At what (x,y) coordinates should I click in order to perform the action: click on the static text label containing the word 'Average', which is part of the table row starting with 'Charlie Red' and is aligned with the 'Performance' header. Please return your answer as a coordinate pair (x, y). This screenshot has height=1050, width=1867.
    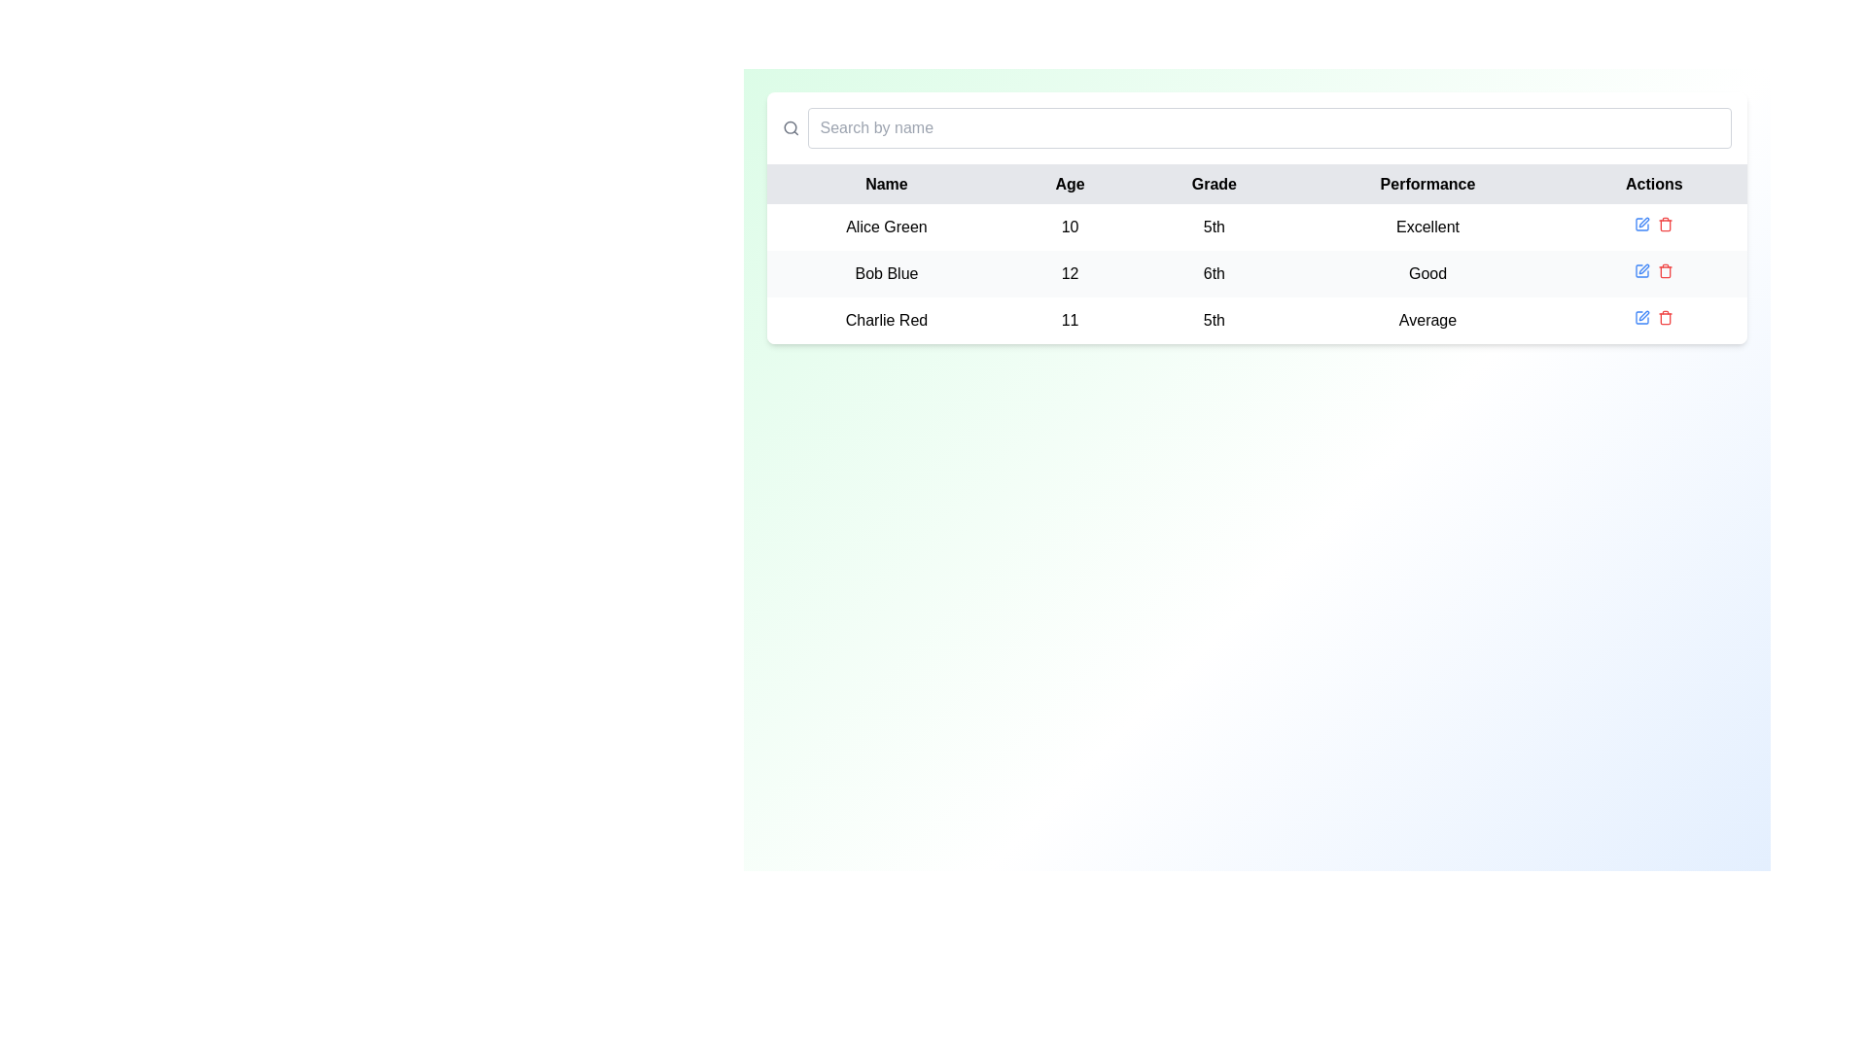
    Looking at the image, I should click on (1427, 320).